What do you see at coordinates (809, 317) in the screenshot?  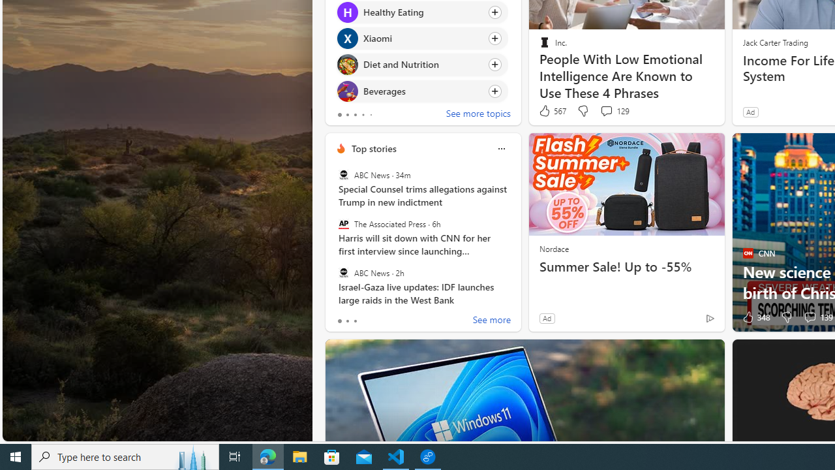 I see `'View comments 139 Comment'` at bounding box center [809, 317].